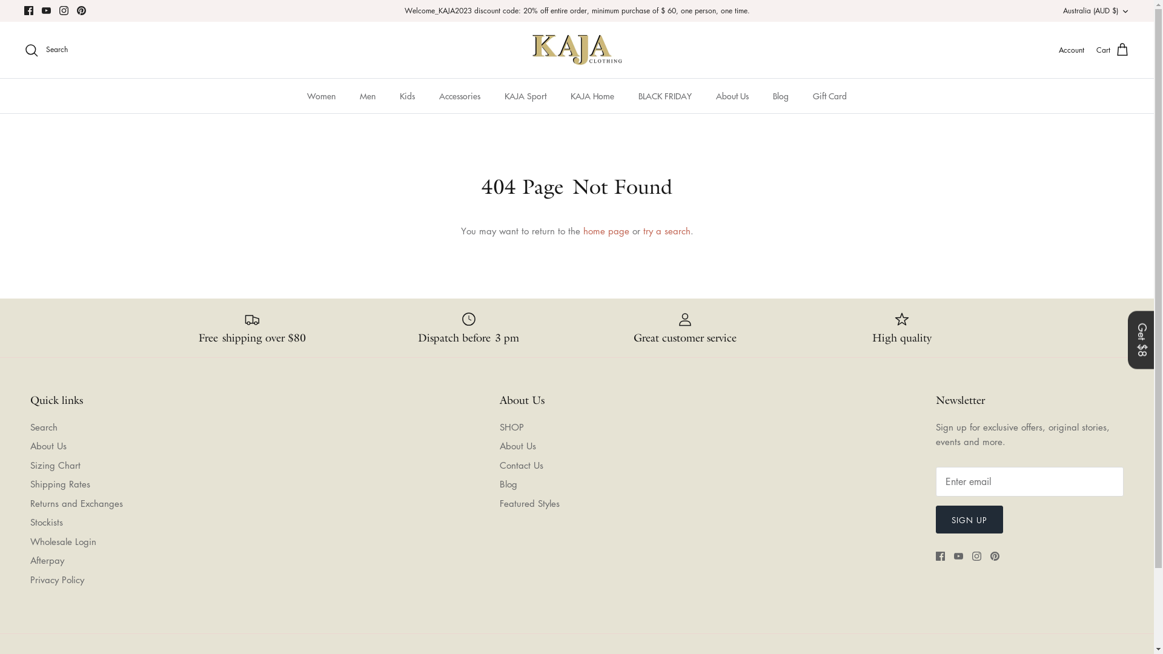  I want to click on 'Privacy Policy', so click(56, 578).